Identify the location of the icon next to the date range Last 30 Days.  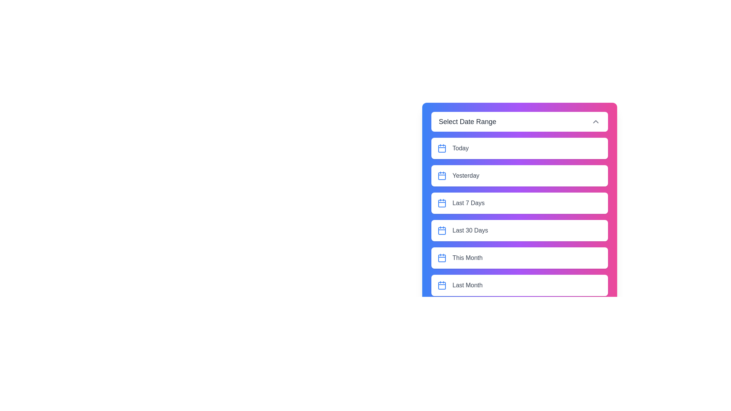
(442, 230).